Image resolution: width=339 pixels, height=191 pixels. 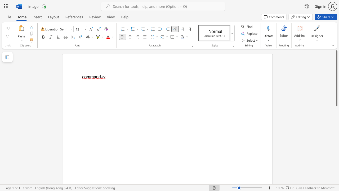 What do you see at coordinates (336, 135) in the screenshot?
I see `the scrollbar to move the view down` at bounding box center [336, 135].